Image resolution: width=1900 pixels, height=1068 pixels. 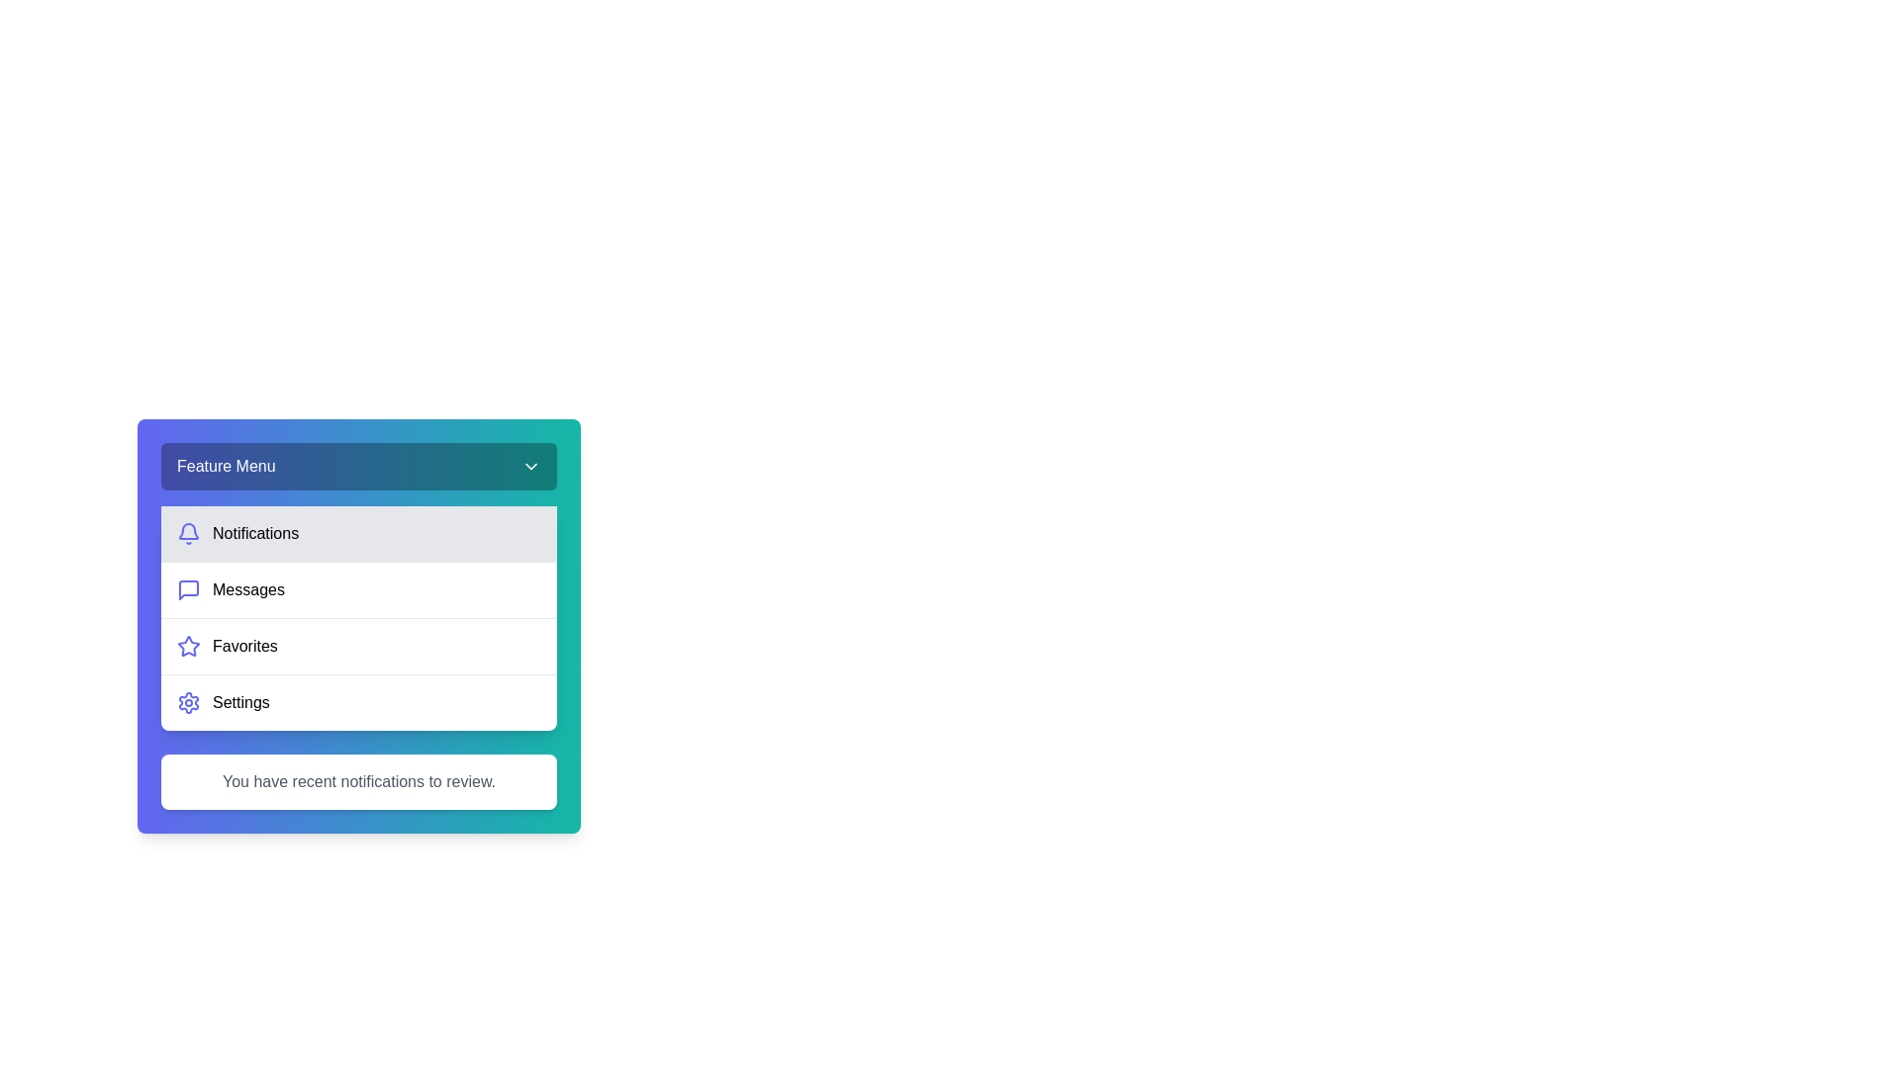 What do you see at coordinates (189, 530) in the screenshot?
I see `the bell icon in the dropdown menu labeled 'Feature Menu' to trigger any associated notifications or alerts` at bounding box center [189, 530].